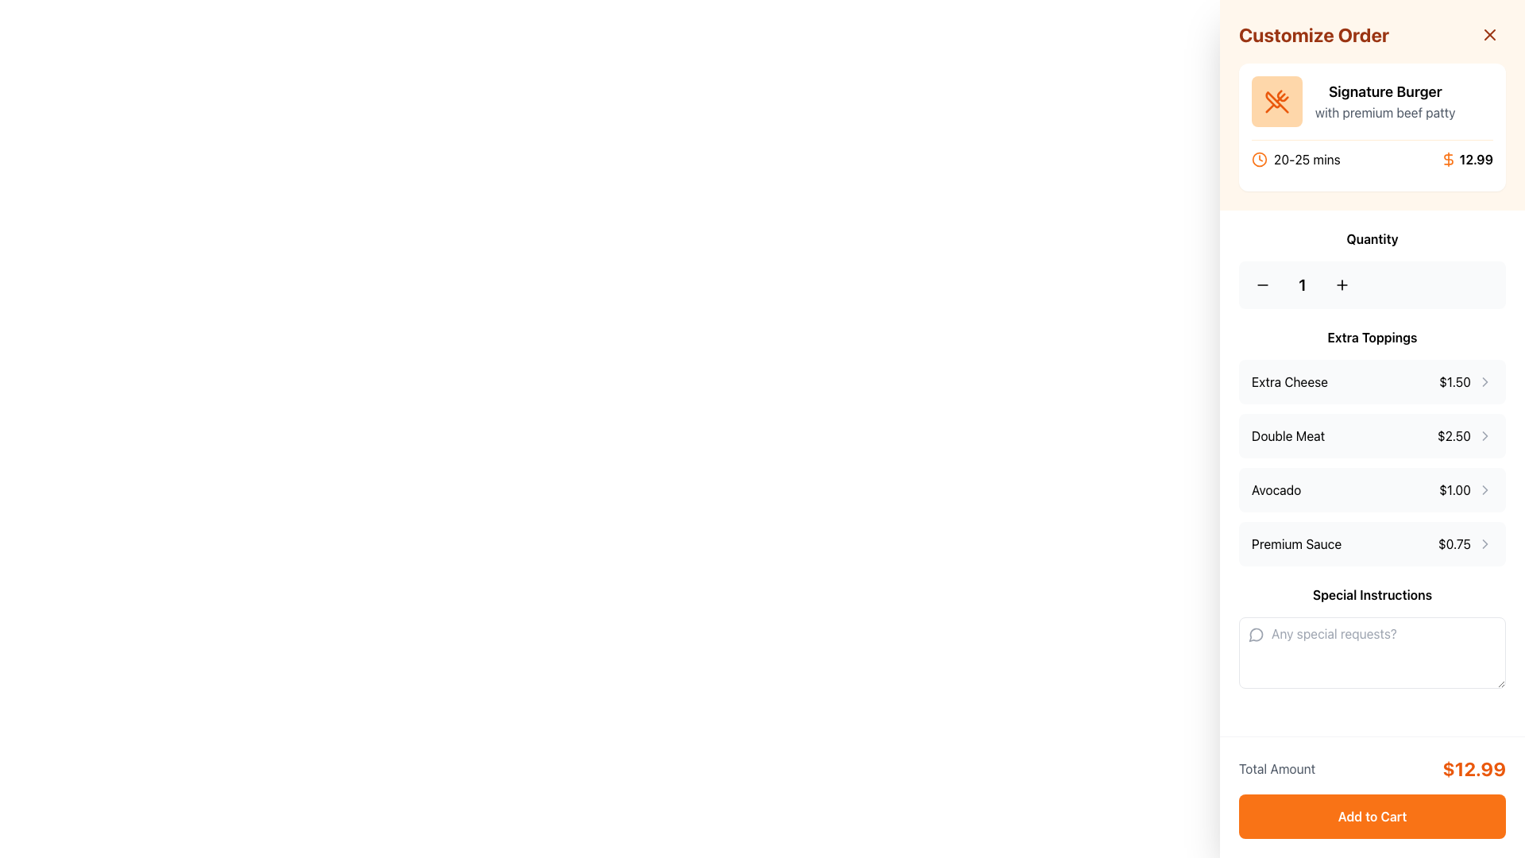 The width and height of the screenshot is (1525, 858). What do you see at coordinates (1454, 435) in the screenshot?
I see `displayed price from the text label showing '$2.50', which is styled in a dark font on a white background and is located to the right of the 'Double Meat' label` at bounding box center [1454, 435].